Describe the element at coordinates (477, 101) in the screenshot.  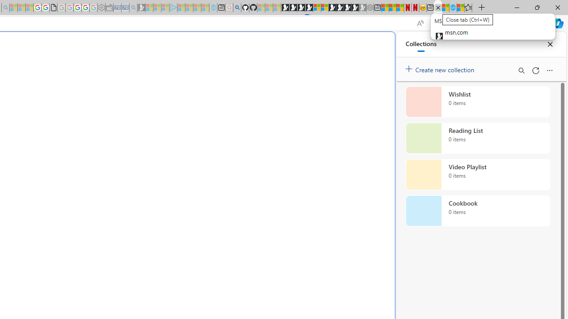
I see `'Wishlist collection, 0 items'` at that location.